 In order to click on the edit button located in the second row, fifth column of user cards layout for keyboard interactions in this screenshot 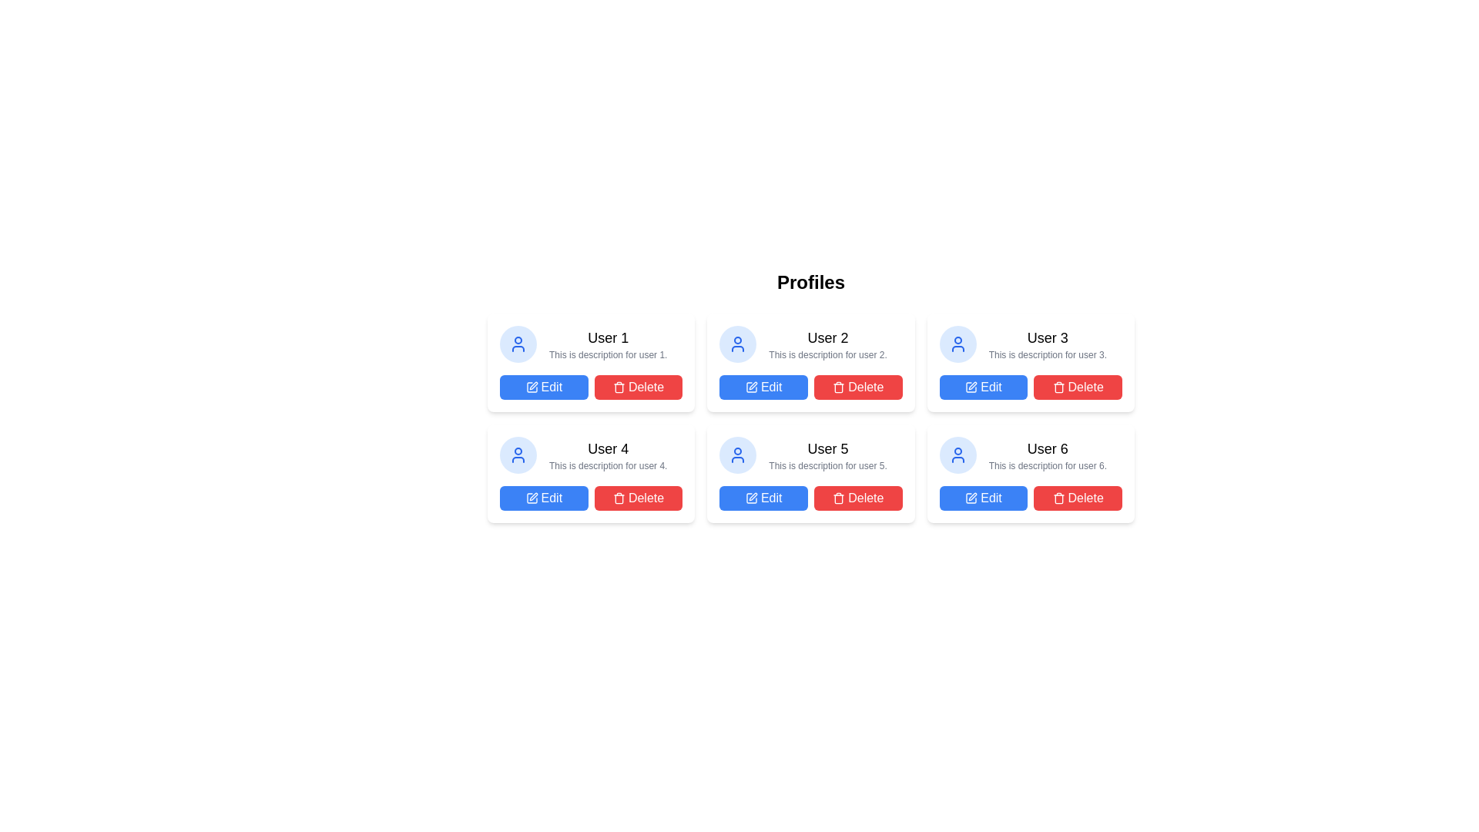, I will do `click(763, 498)`.